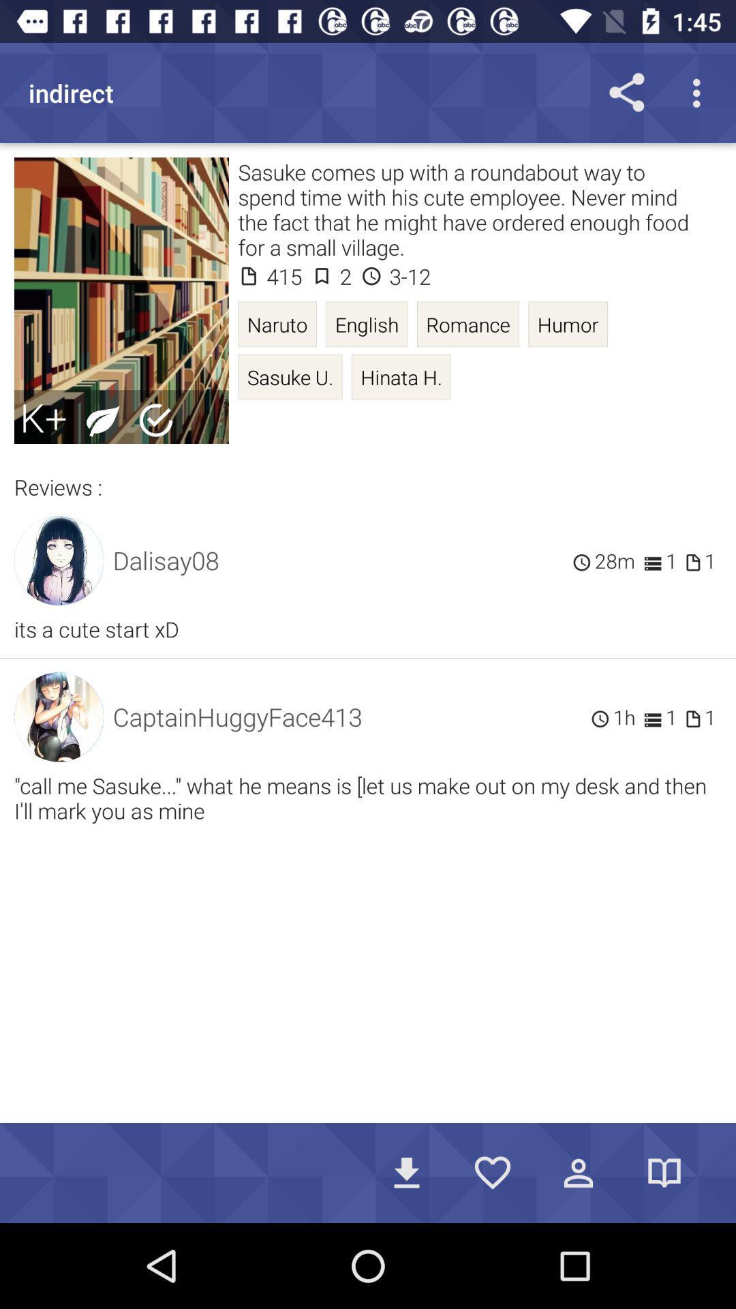 The image size is (736, 1309). What do you see at coordinates (700, 92) in the screenshot?
I see `the more icon` at bounding box center [700, 92].